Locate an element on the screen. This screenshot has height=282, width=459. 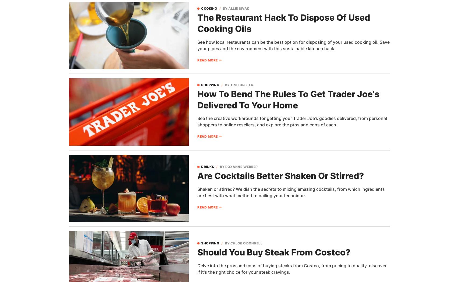
'Drinks' is located at coordinates (208, 166).